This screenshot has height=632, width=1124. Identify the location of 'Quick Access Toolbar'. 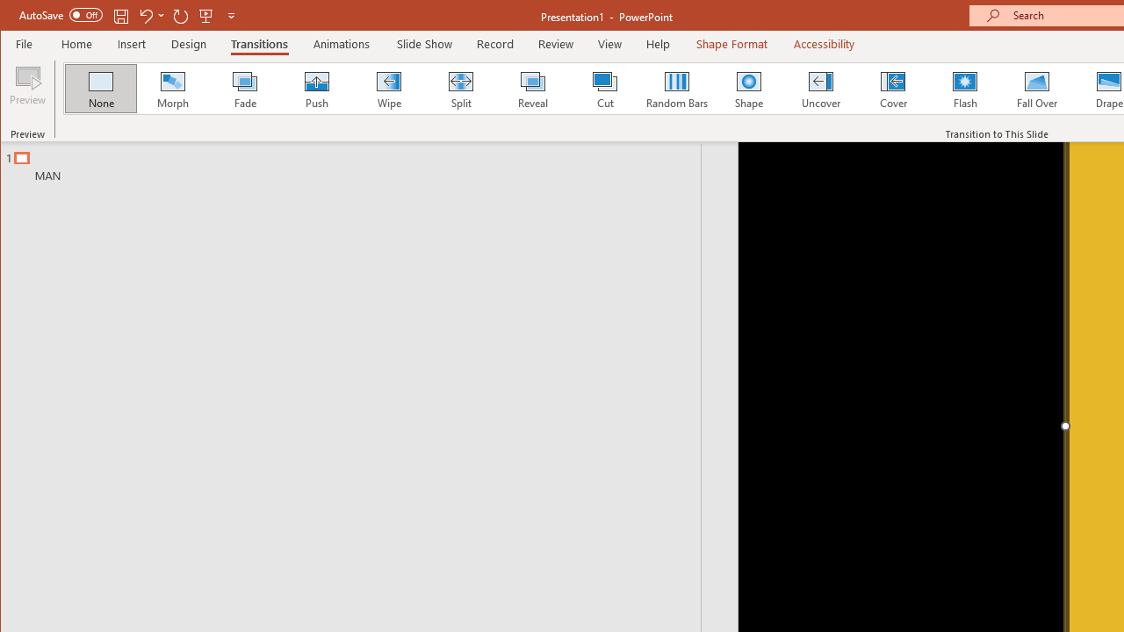
(127, 16).